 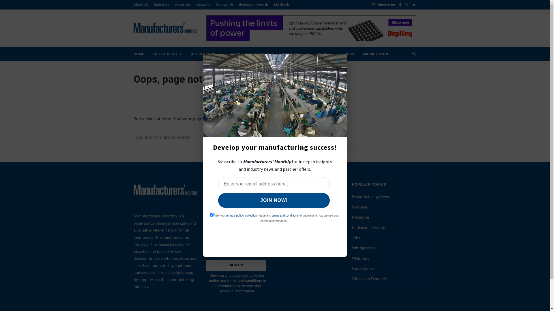 What do you see at coordinates (226, 54) in the screenshot?
I see `'MANUFACTURER FOCUS'` at bounding box center [226, 54].